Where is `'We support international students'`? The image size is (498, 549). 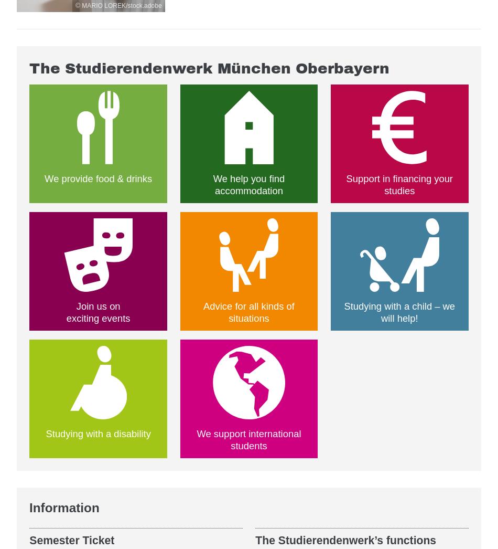
'We support international students' is located at coordinates (196, 439).